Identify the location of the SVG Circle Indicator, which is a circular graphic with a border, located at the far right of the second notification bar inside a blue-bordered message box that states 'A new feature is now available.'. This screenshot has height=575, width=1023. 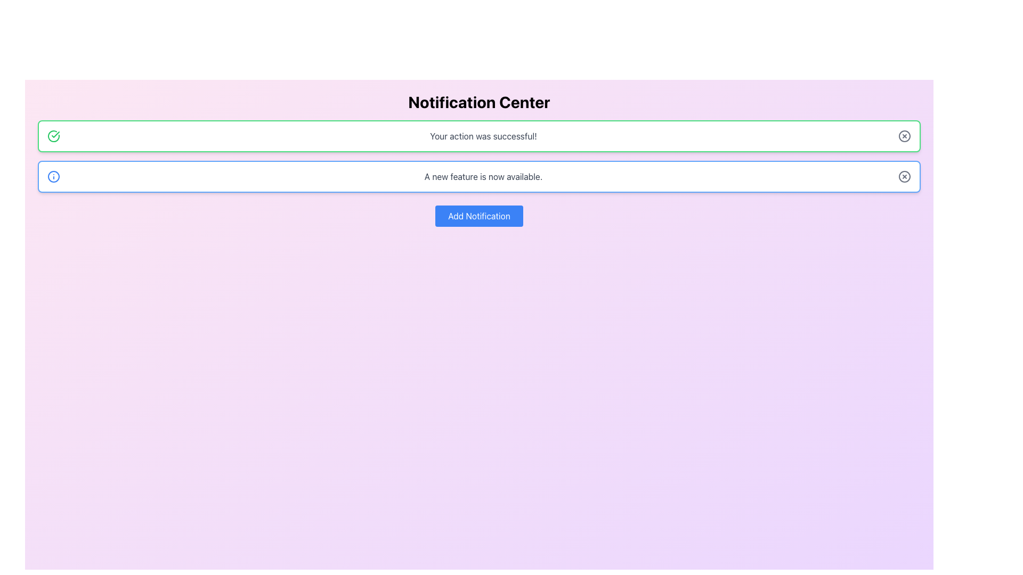
(904, 176).